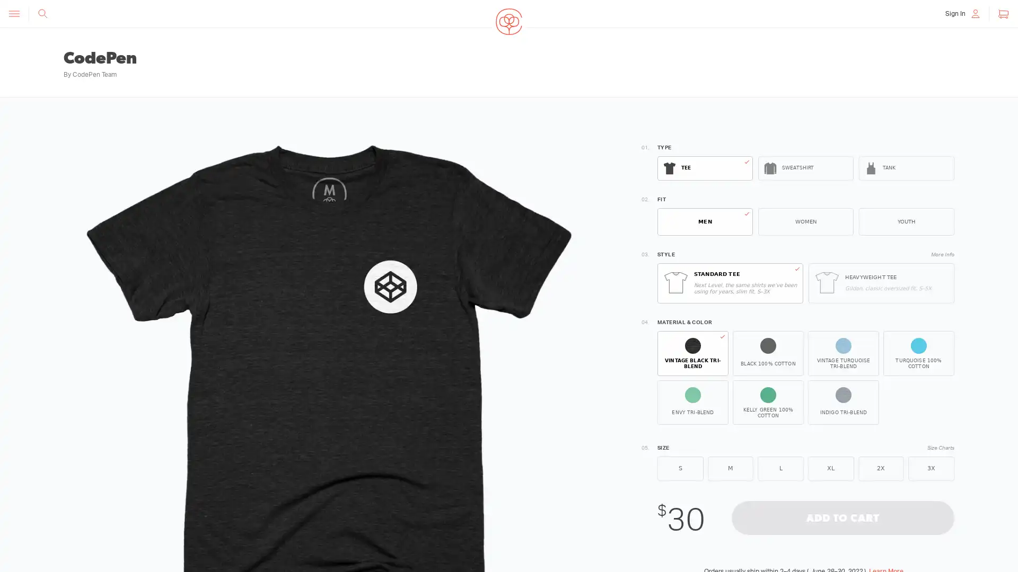  What do you see at coordinates (931, 468) in the screenshot?
I see `3X` at bounding box center [931, 468].